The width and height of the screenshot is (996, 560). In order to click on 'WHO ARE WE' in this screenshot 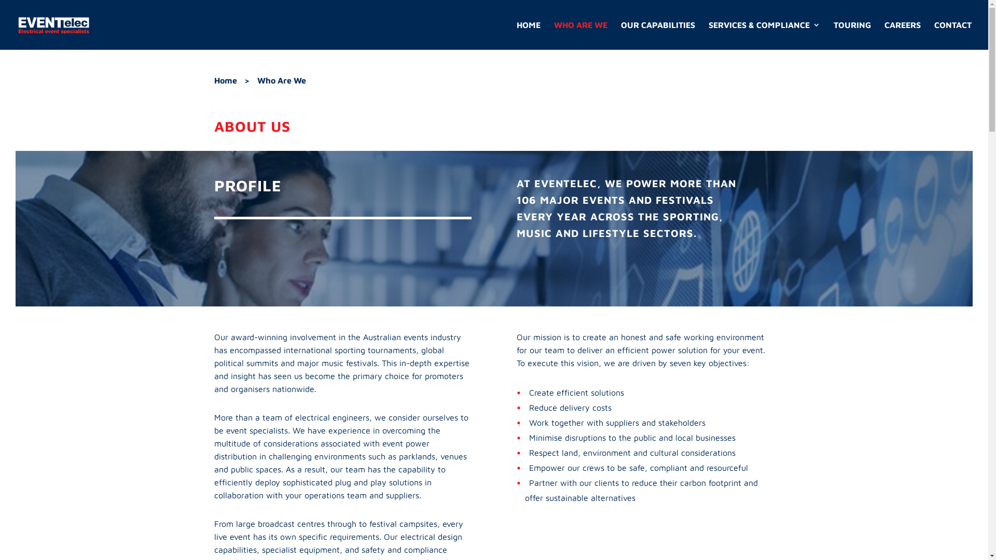, I will do `click(580, 35)`.